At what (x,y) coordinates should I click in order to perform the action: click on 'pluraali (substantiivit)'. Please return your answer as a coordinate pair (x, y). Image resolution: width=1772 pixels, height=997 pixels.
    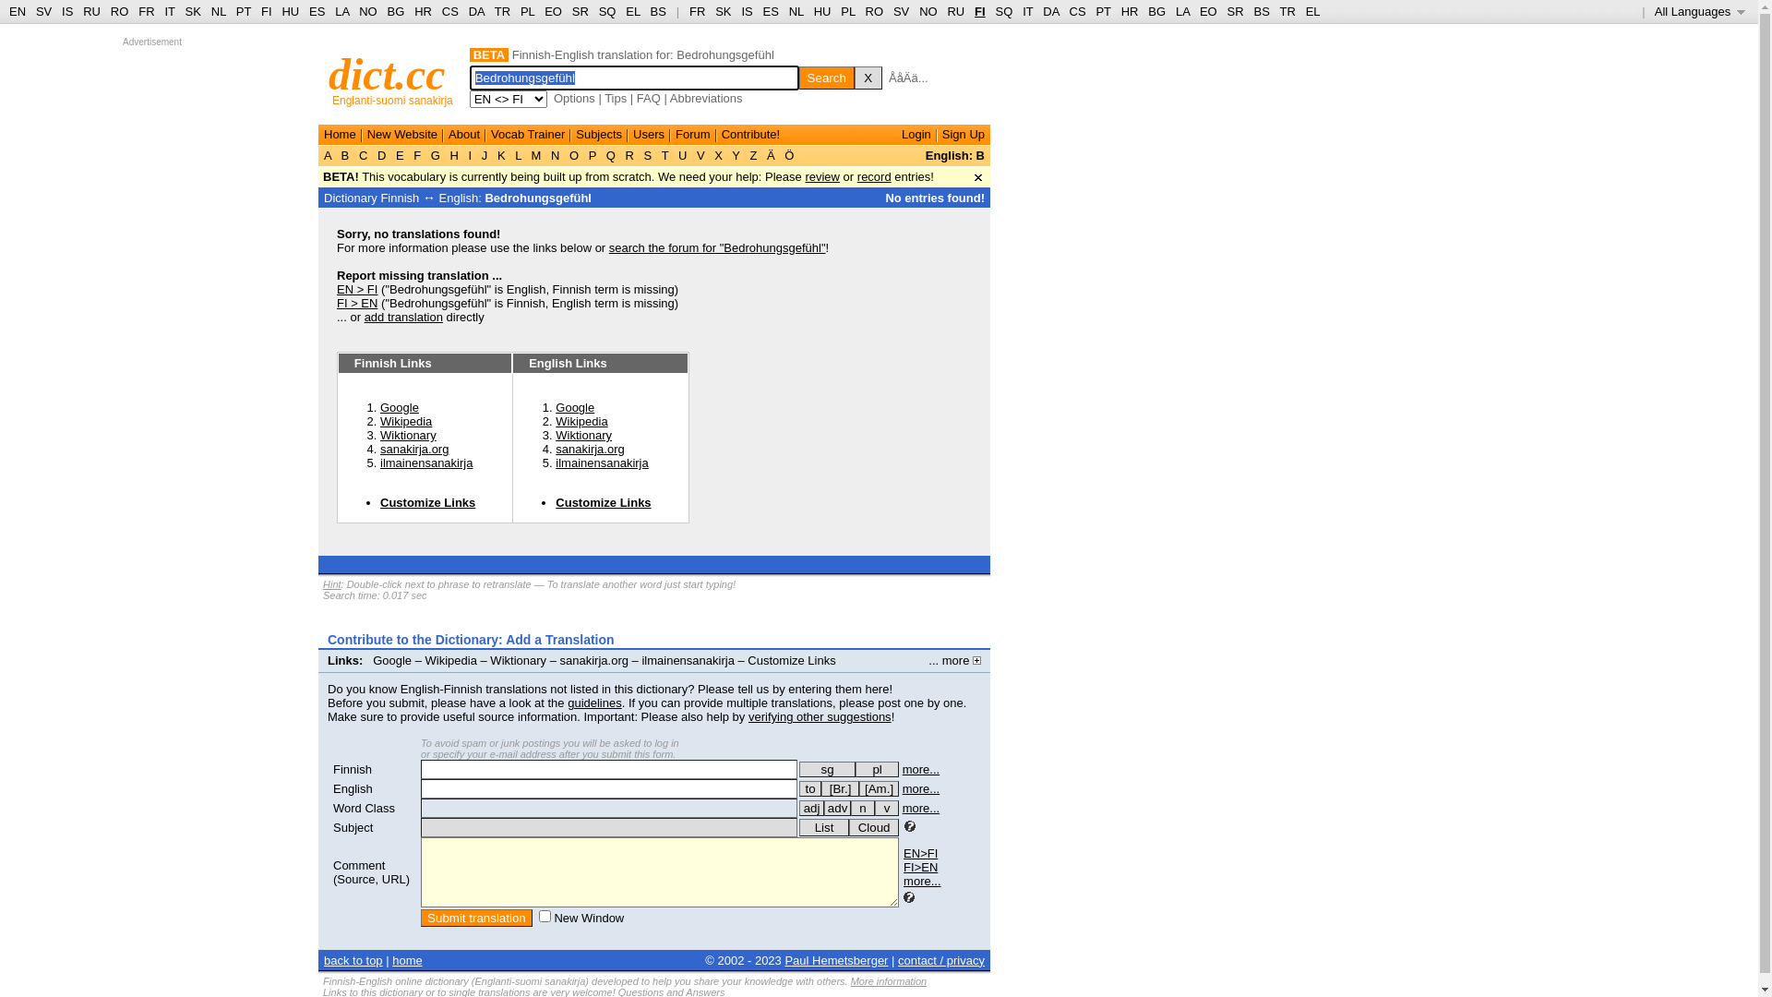
    Looking at the image, I should click on (876, 769).